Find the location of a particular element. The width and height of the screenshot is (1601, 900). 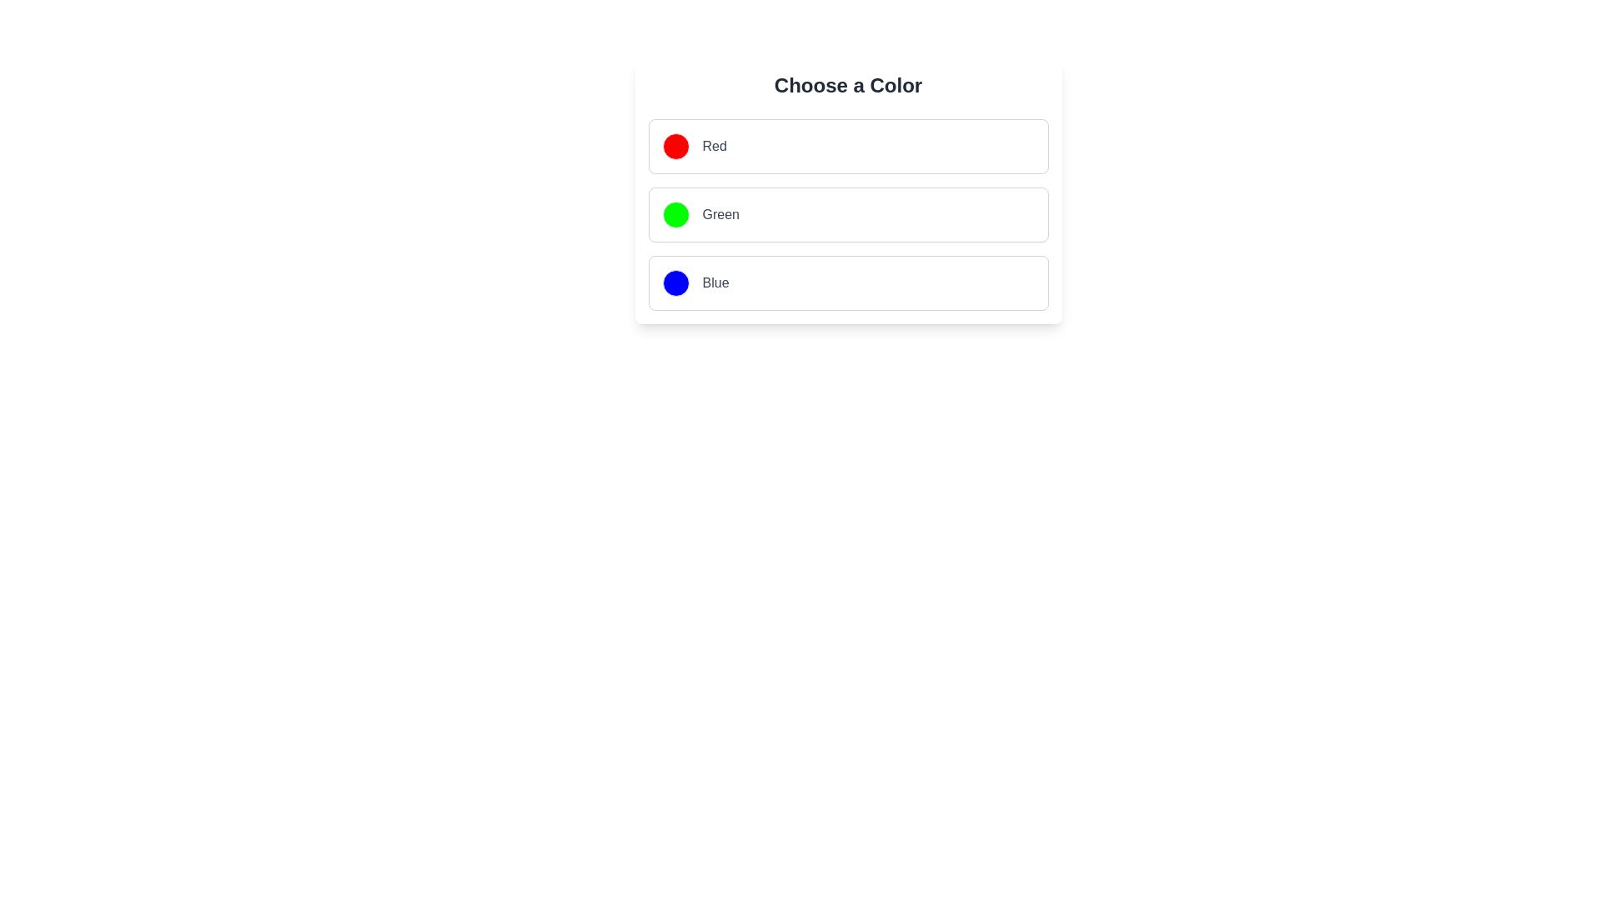

the text label displaying 'Green', which is styled with a medium-weight font and gray color, located in the second choice box of a vertical list of color options is located at coordinates (720, 214).